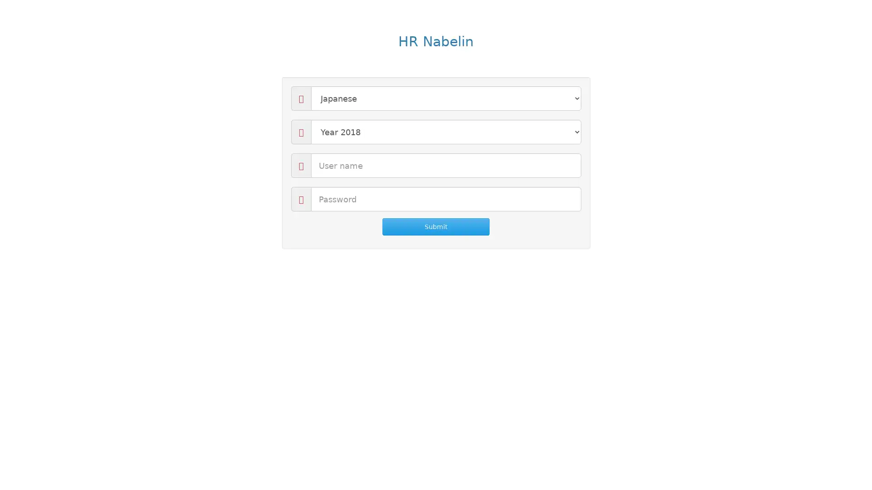  I want to click on Submit, so click(435, 226).